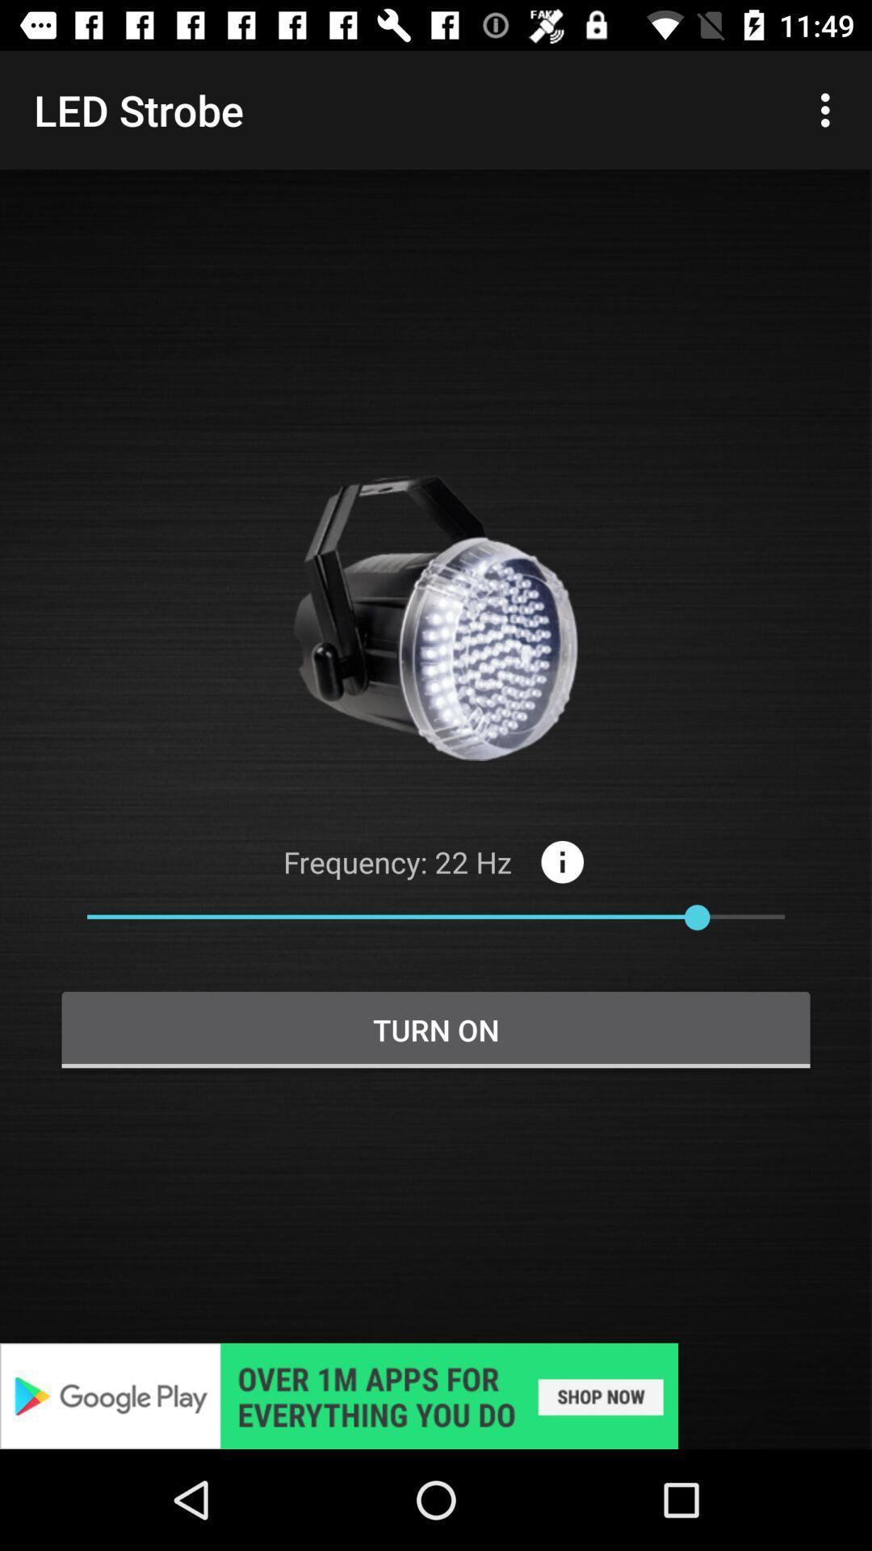  I want to click on visit advertiser, so click(436, 1395).